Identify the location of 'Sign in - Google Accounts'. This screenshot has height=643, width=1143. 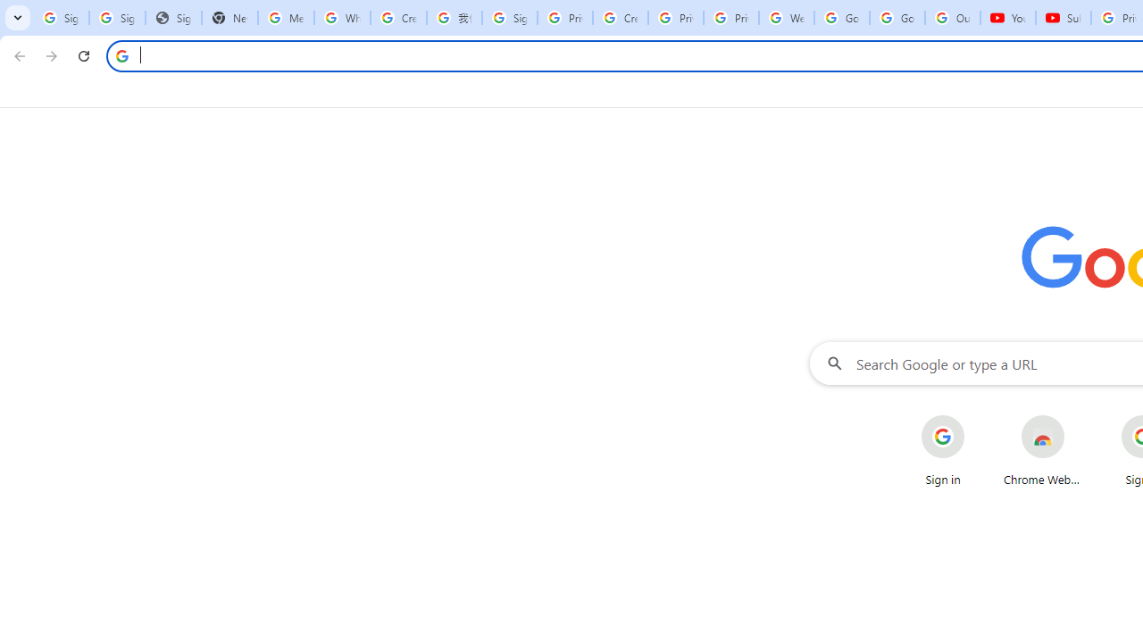
(508, 18).